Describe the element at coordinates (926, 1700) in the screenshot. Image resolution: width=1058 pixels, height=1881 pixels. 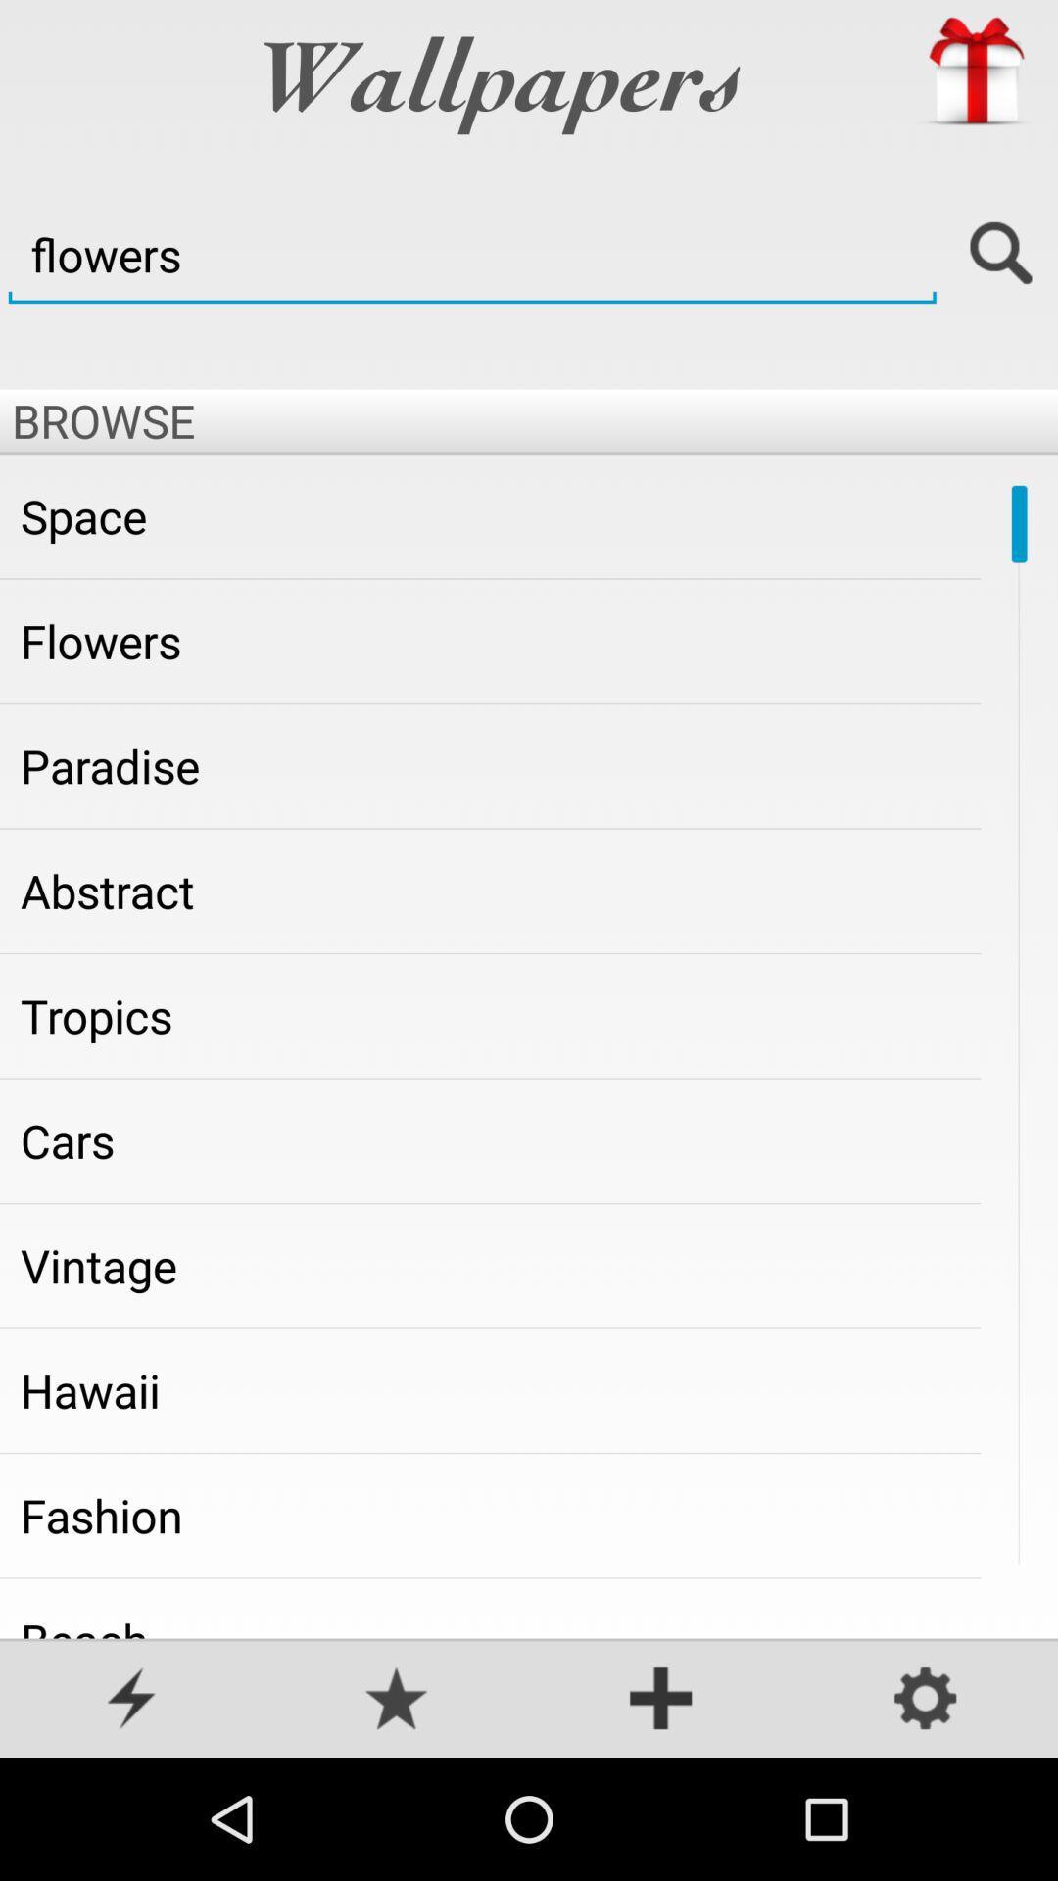
I see `setting page` at that location.